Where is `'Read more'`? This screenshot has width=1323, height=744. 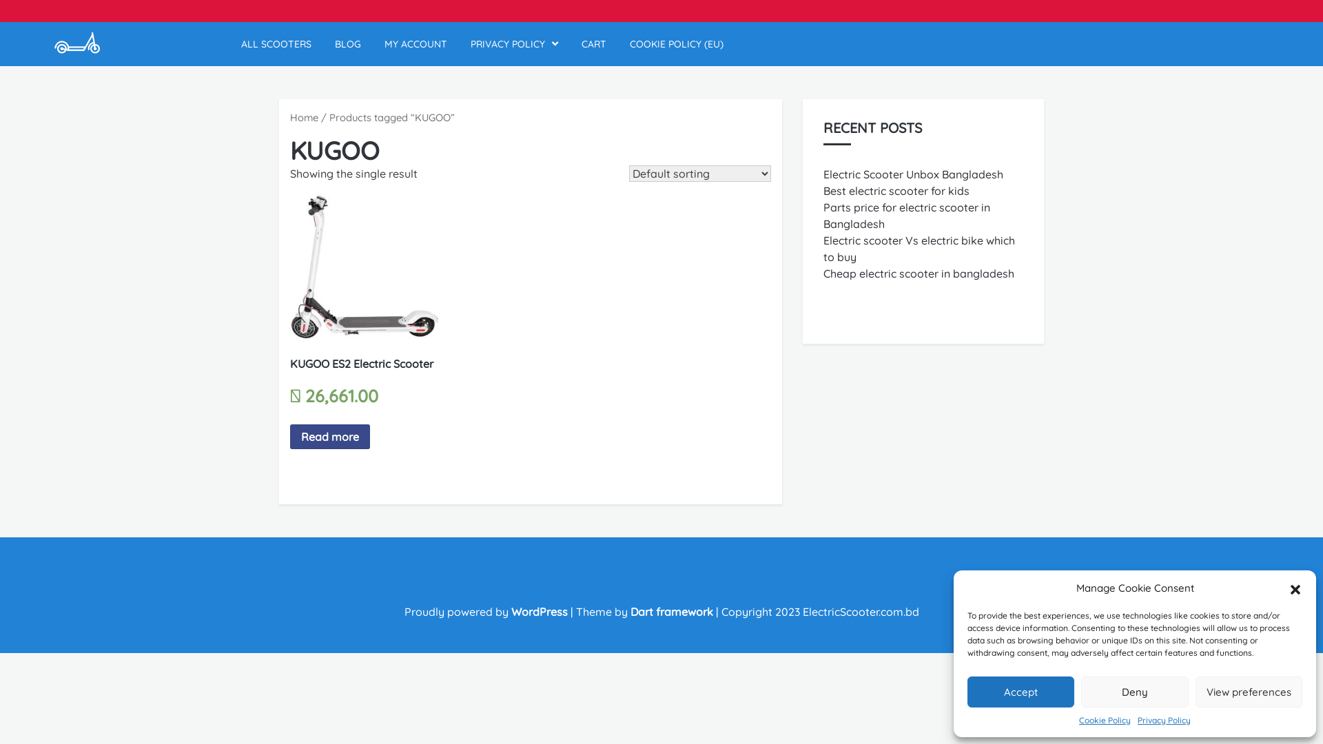
'Read more' is located at coordinates (329, 436).